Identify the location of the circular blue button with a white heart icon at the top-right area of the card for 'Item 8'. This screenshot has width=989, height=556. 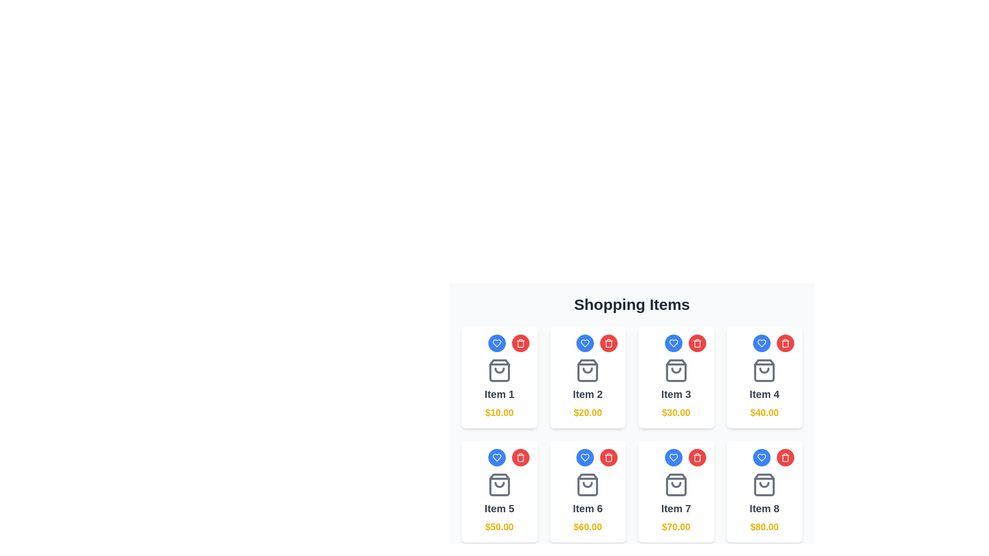
(761, 457).